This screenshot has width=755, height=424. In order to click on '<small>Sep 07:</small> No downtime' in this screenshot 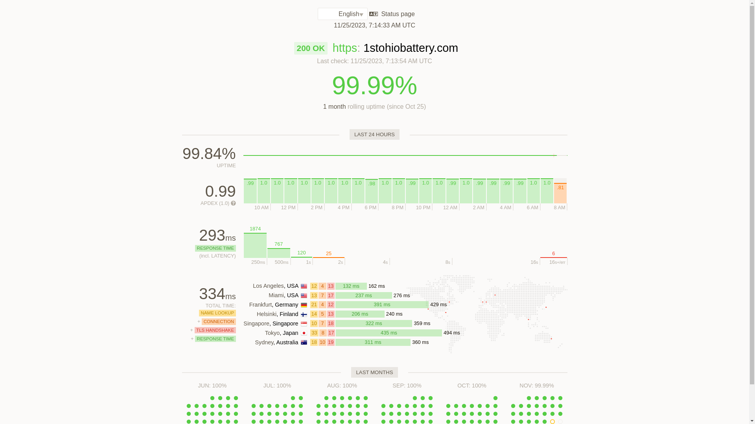, I will do `click(407, 406)`.